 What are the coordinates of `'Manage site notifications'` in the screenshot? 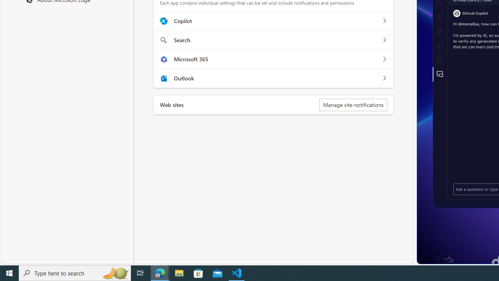 It's located at (353, 104).